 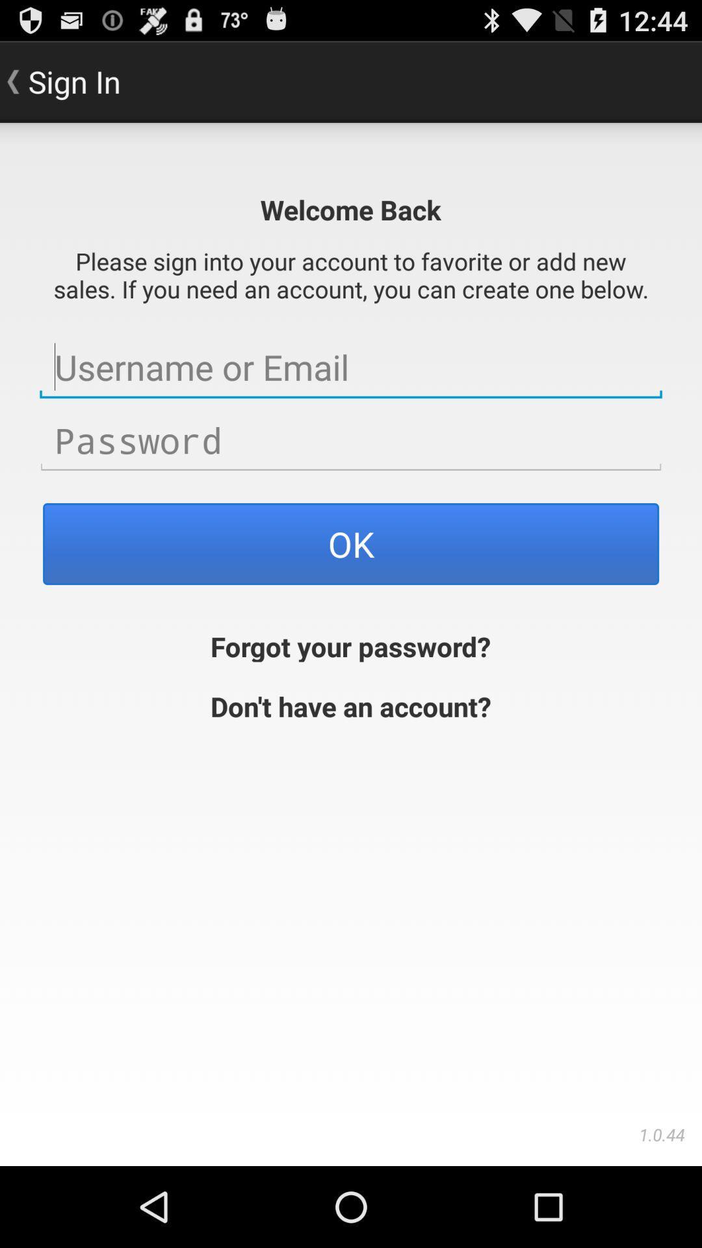 What do you see at coordinates (351, 704) in the screenshot?
I see `the icon below forgot your password?` at bounding box center [351, 704].